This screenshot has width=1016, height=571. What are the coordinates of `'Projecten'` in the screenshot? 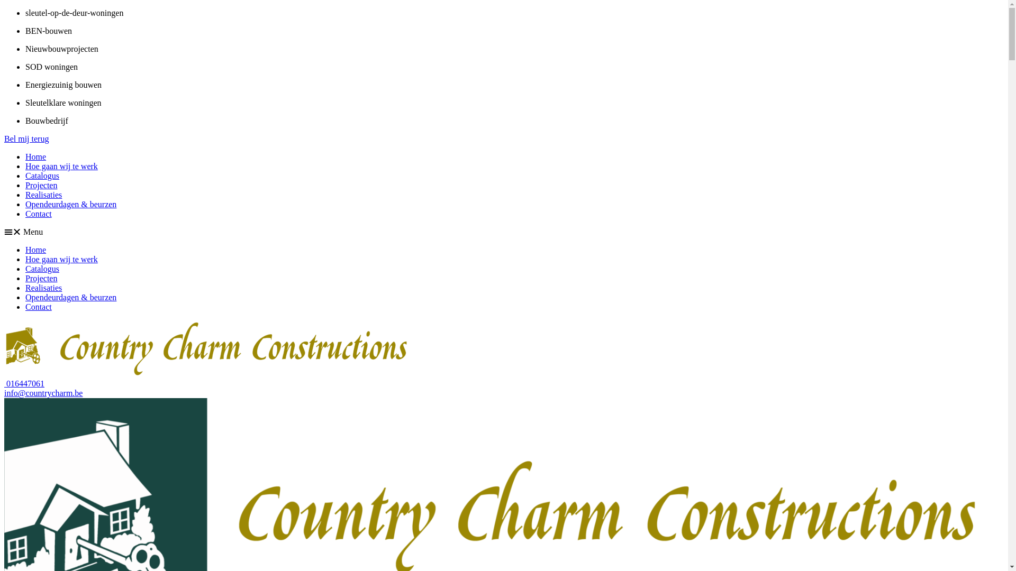 It's located at (41, 278).